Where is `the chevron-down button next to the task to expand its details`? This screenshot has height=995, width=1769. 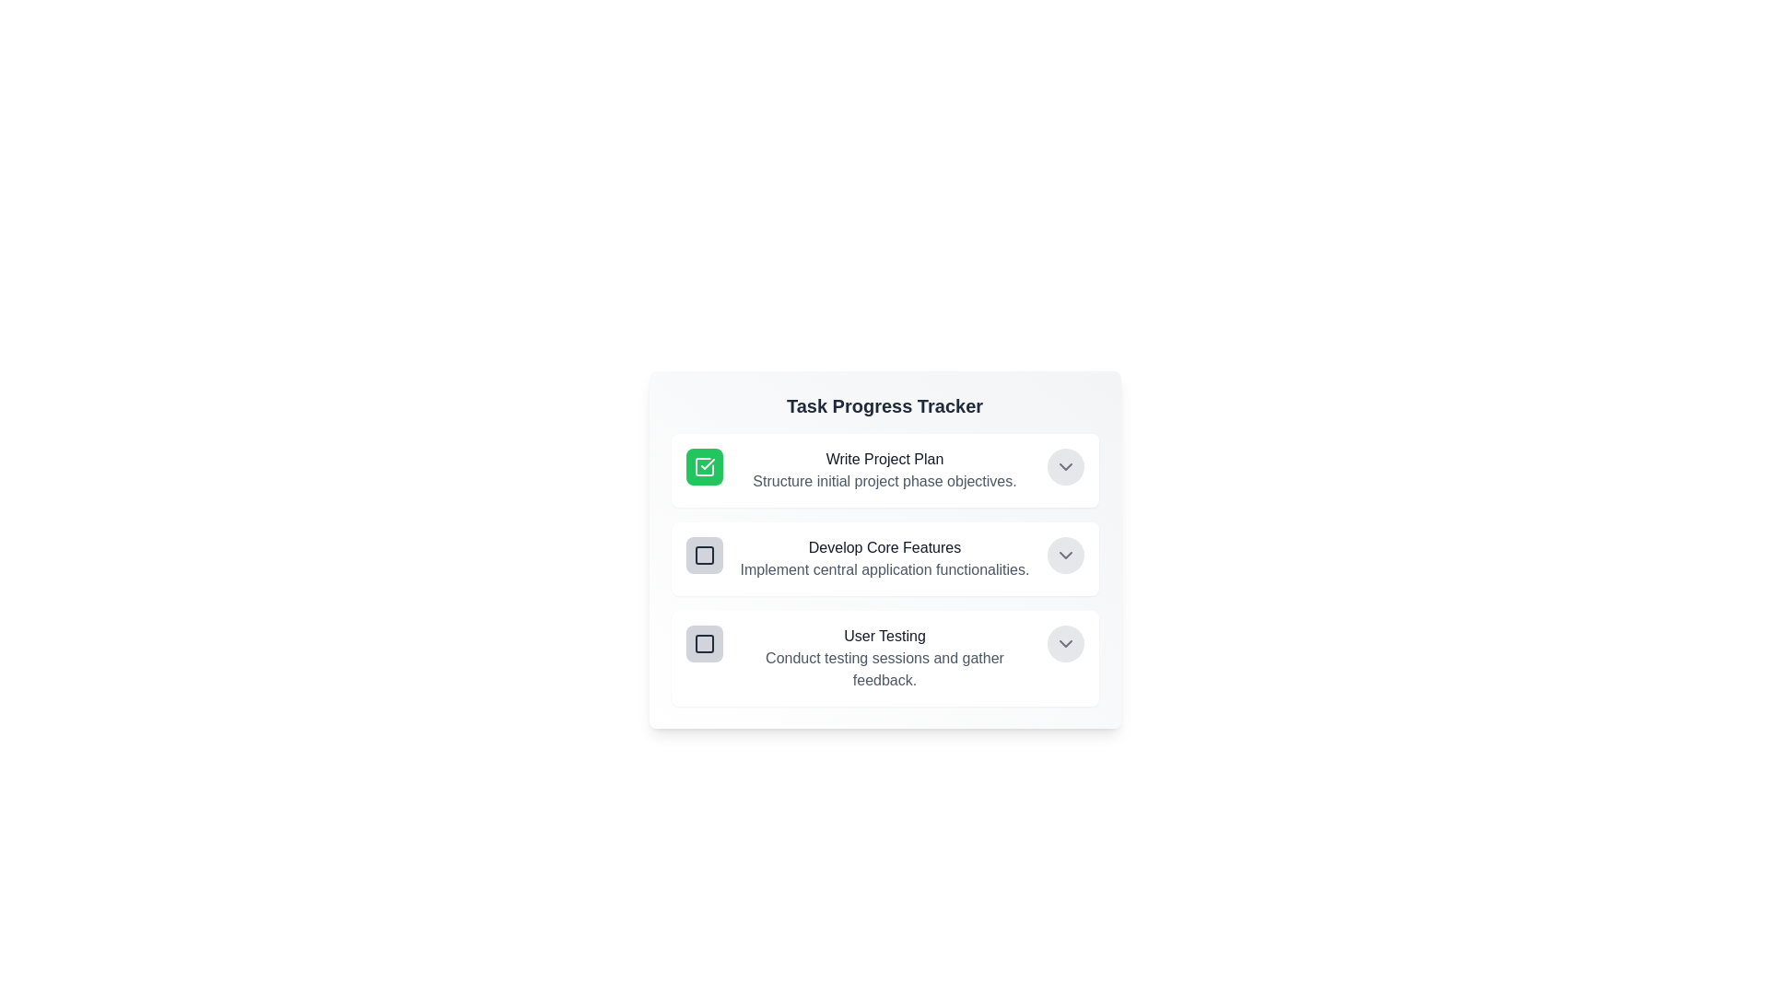
the chevron-down button next to the task to expand its details is located at coordinates (1065, 465).